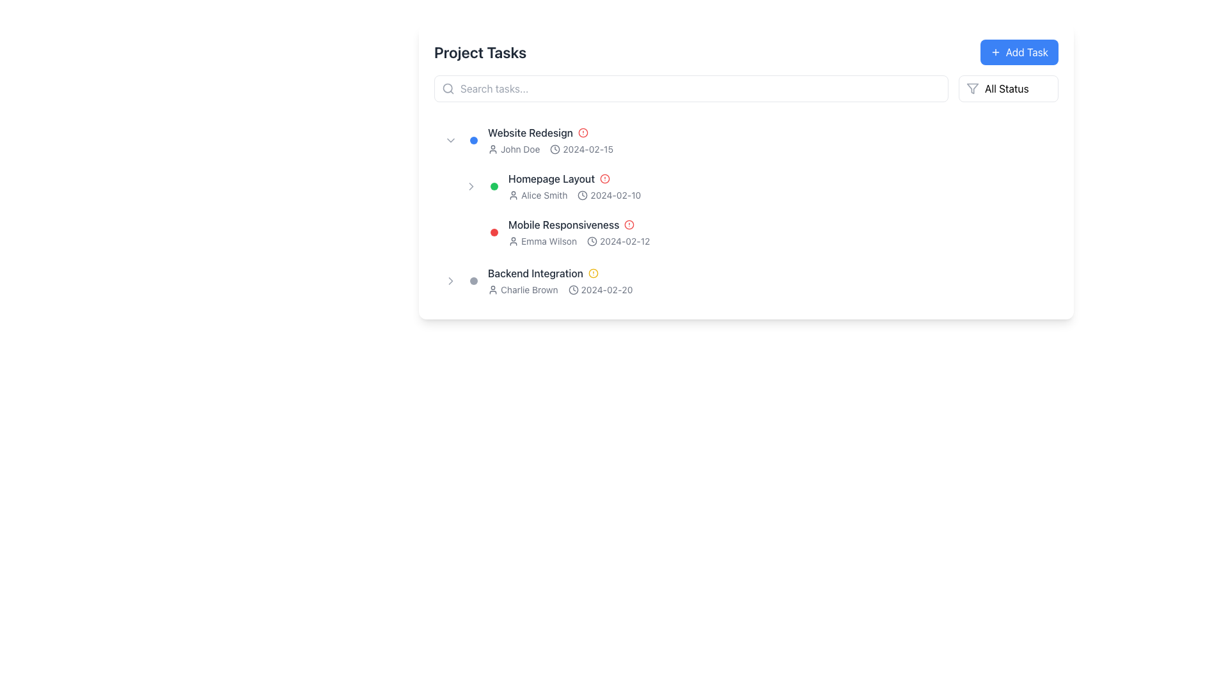  What do you see at coordinates (756, 232) in the screenshot?
I see `the third task item in the project management system, located under 'Website Redesign'` at bounding box center [756, 232].